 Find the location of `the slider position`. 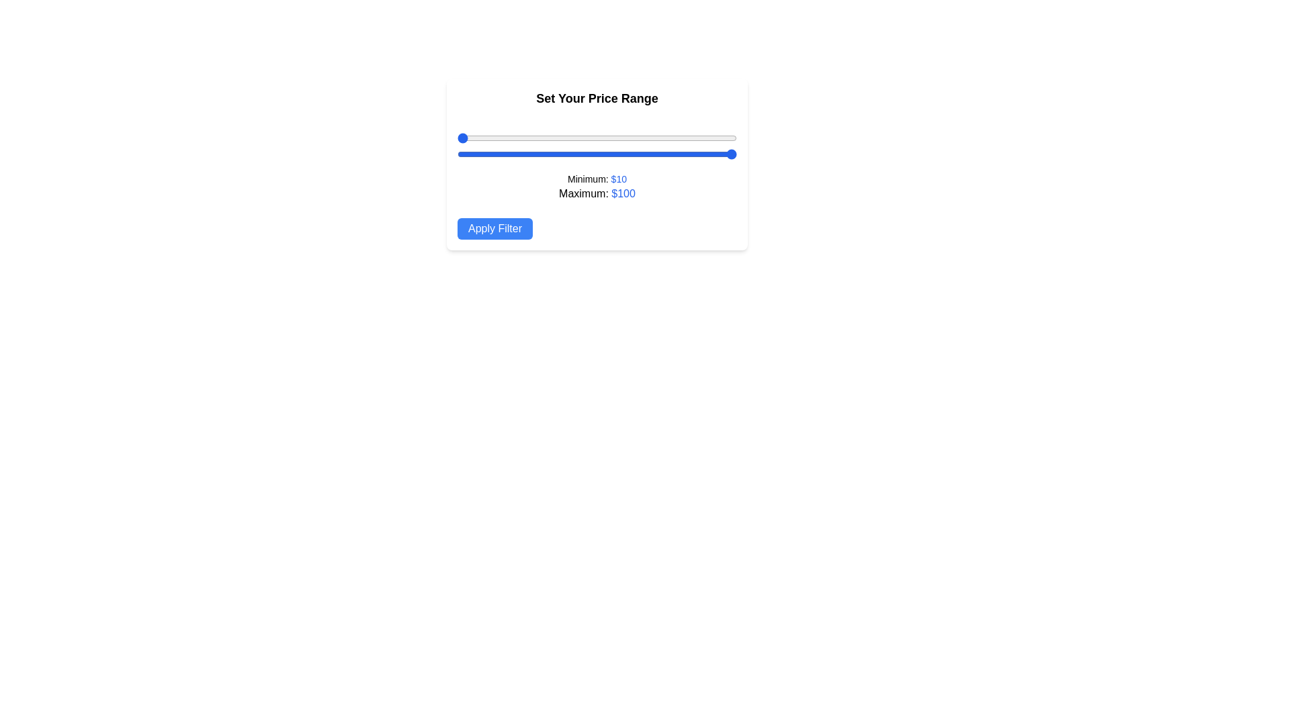

the slider position is located at coordinates (681, 138).